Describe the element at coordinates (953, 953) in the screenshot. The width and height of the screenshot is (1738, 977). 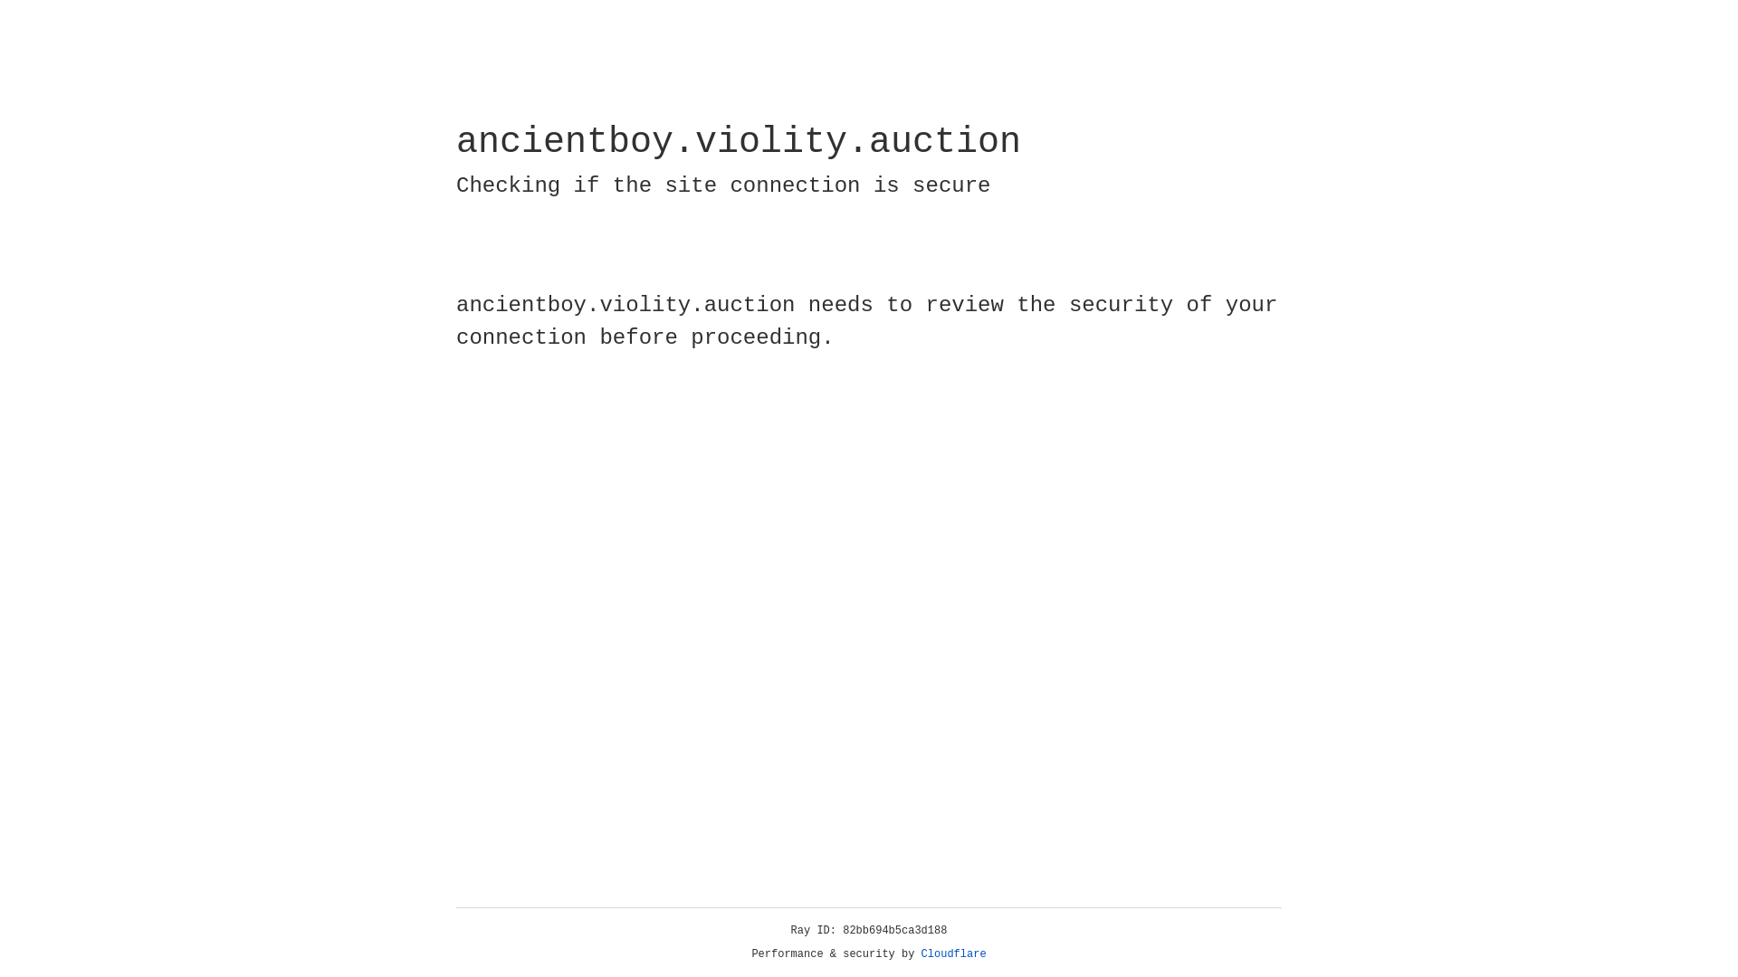
I see `'Cloudflare'` at that location.